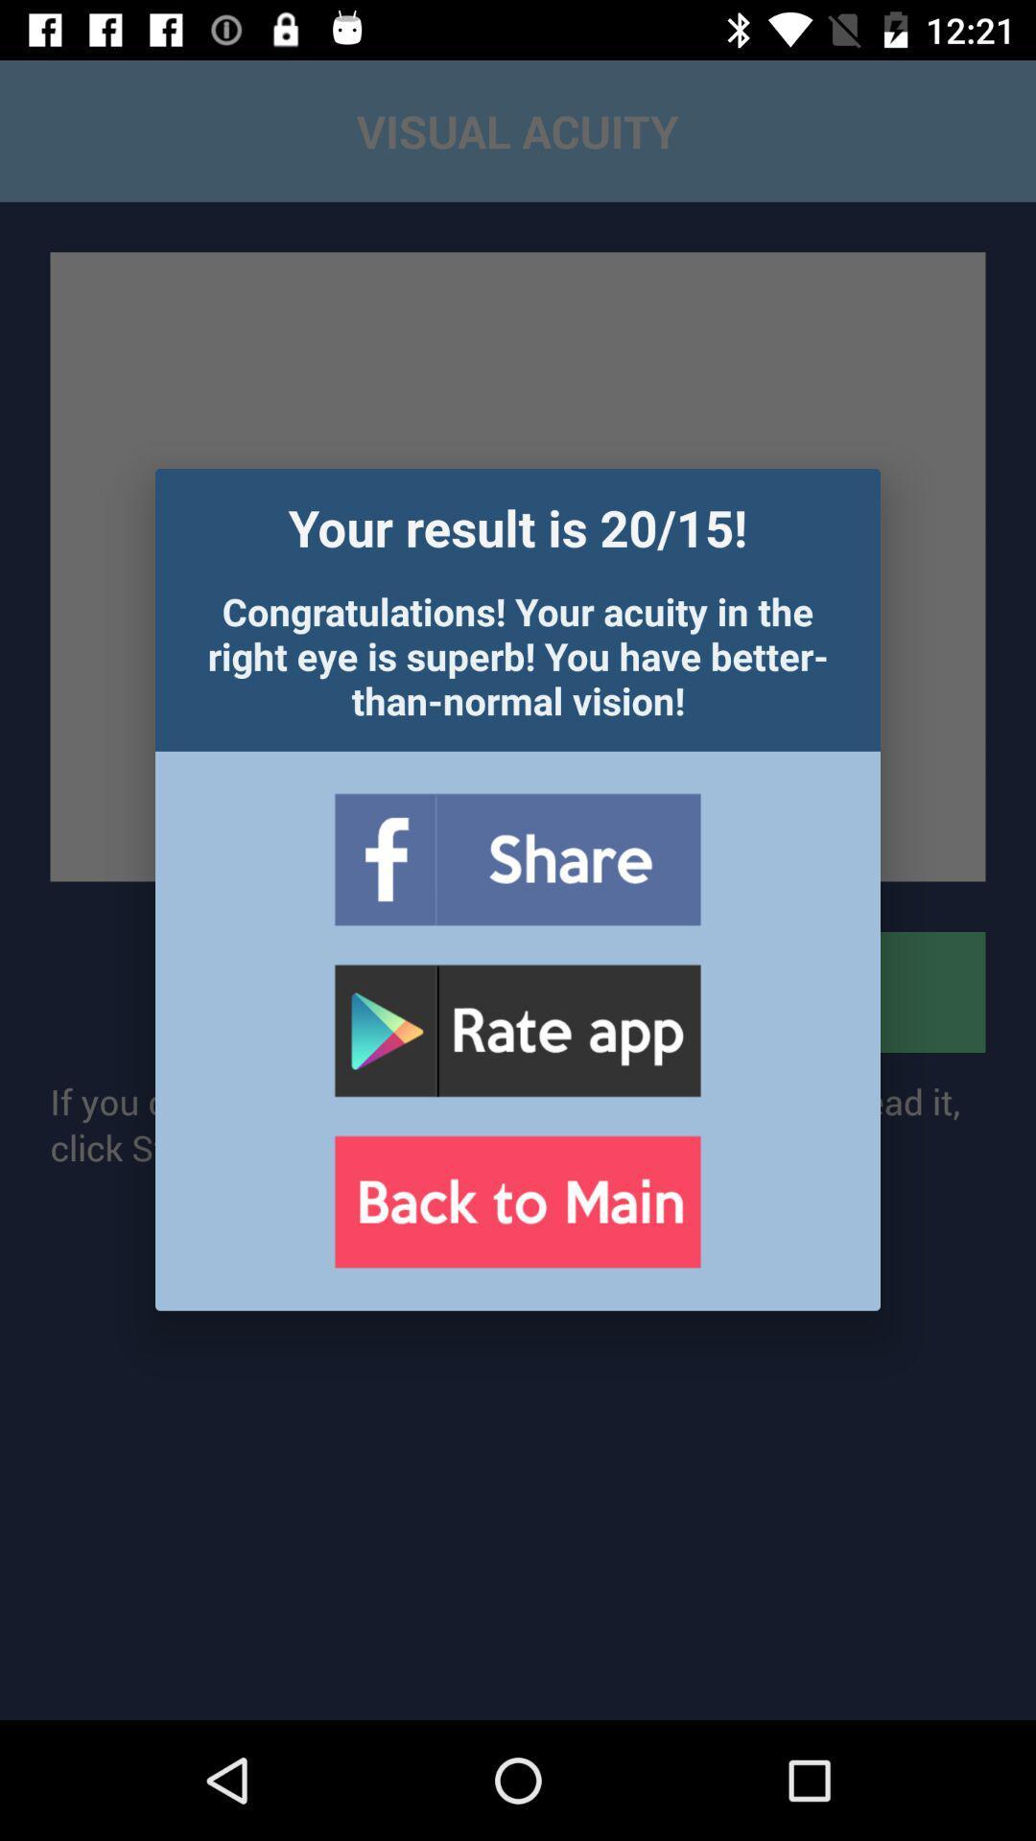 Image resolution: width=1036 pixels, height=1841 pixels. What do you see at coordinates (516, 859) in the screenshot?
I see `share to facebook` at bounding box center [516, 859].